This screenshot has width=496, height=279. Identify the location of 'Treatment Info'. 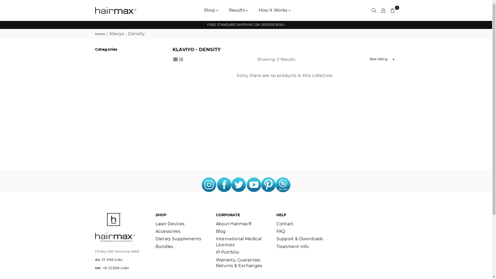
(276, 246).